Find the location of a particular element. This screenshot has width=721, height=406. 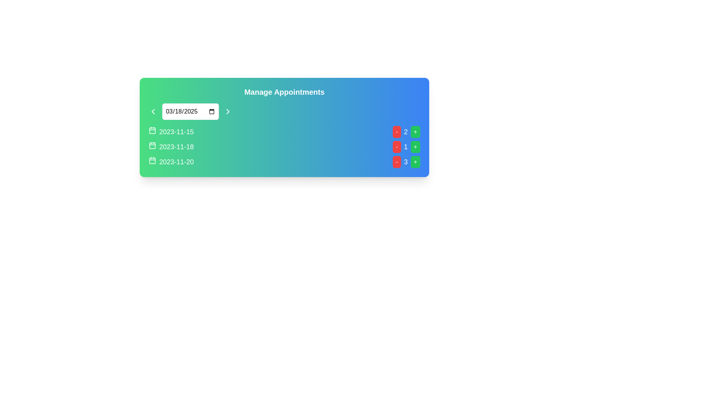

the static text element that displays the current numeric value, located between the decrement (-) red button and the increment (+) green button is located at coordinates (405, 147).